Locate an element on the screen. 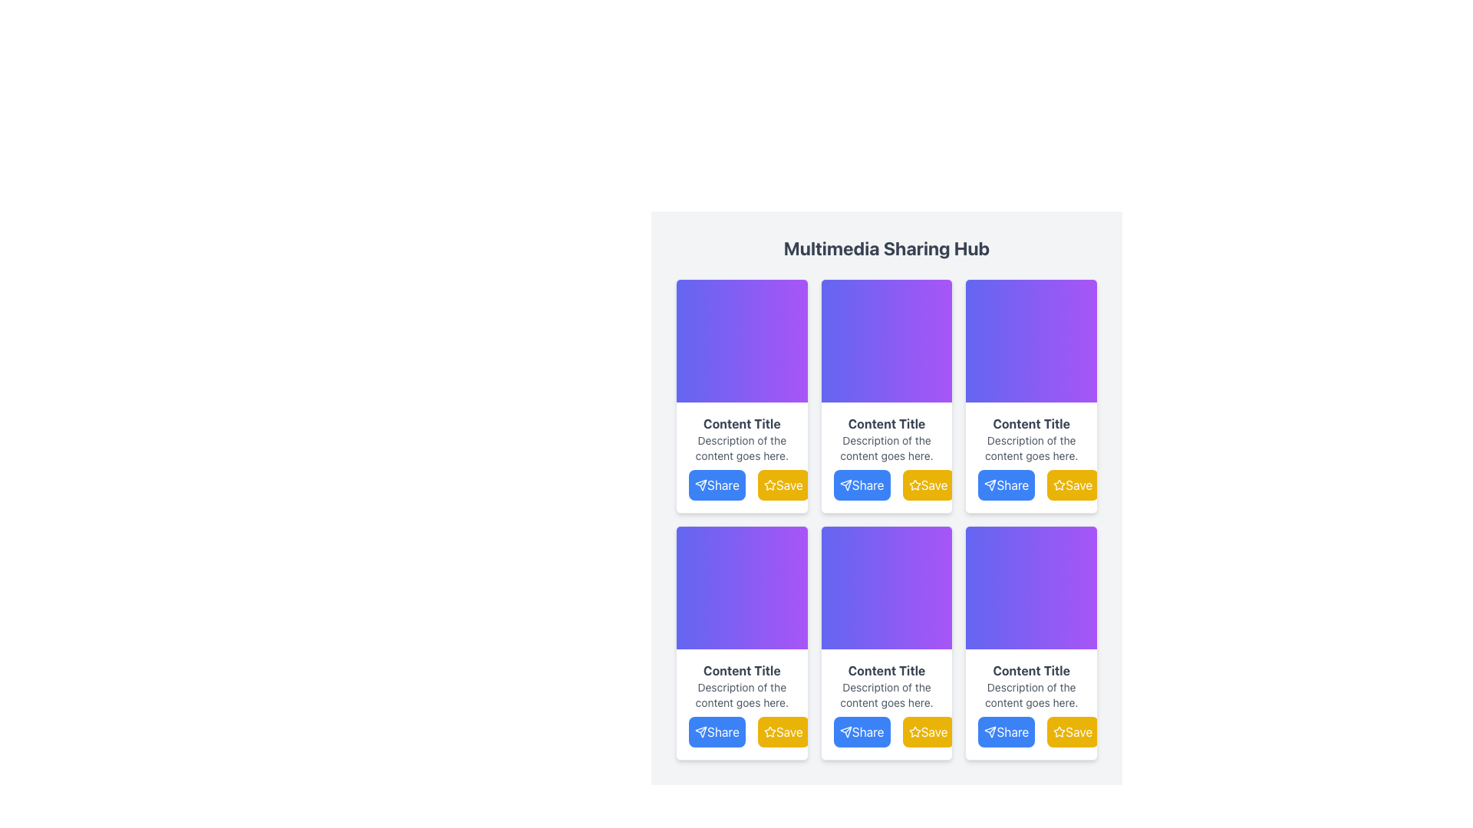 The width and height of the screenshot is (1473, 828). the 'Share' button with a blue background and white text that reads 'Share', which is located to the left of the 'Save' button in a row of options under the content cards is located at coordinates (716, 485).